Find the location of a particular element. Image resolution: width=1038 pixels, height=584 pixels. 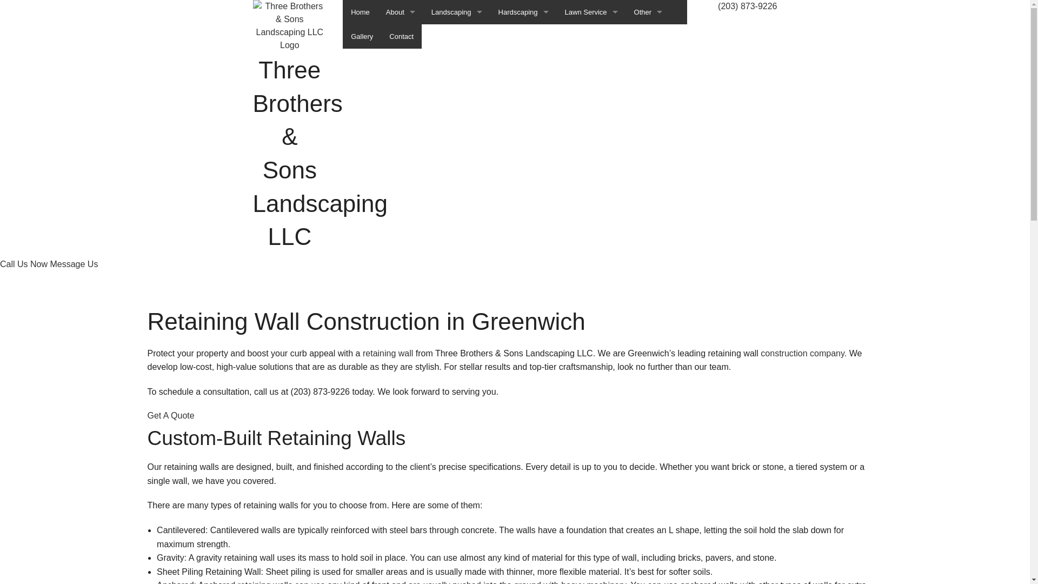

'Patio Construction' is located at coordinates (523, 84).